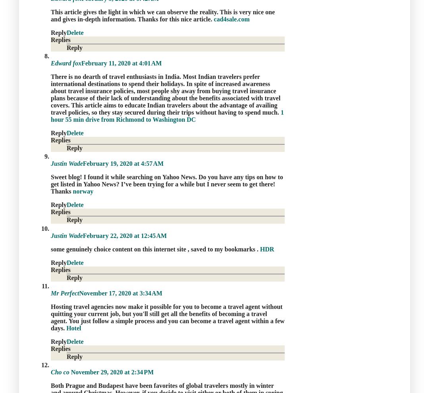 This screenshot has height=393, width=426. I want to click on 'cad4sale.com', so click(214, 19).